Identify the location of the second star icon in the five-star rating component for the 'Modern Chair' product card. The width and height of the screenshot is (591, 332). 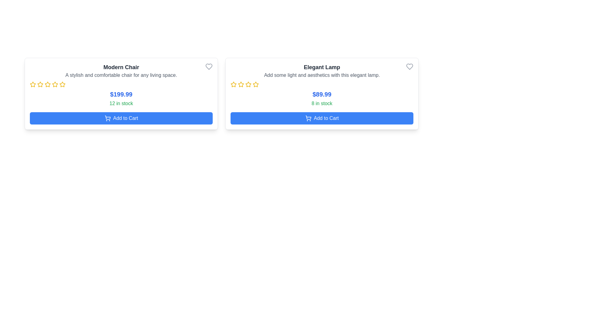
(40, 84).